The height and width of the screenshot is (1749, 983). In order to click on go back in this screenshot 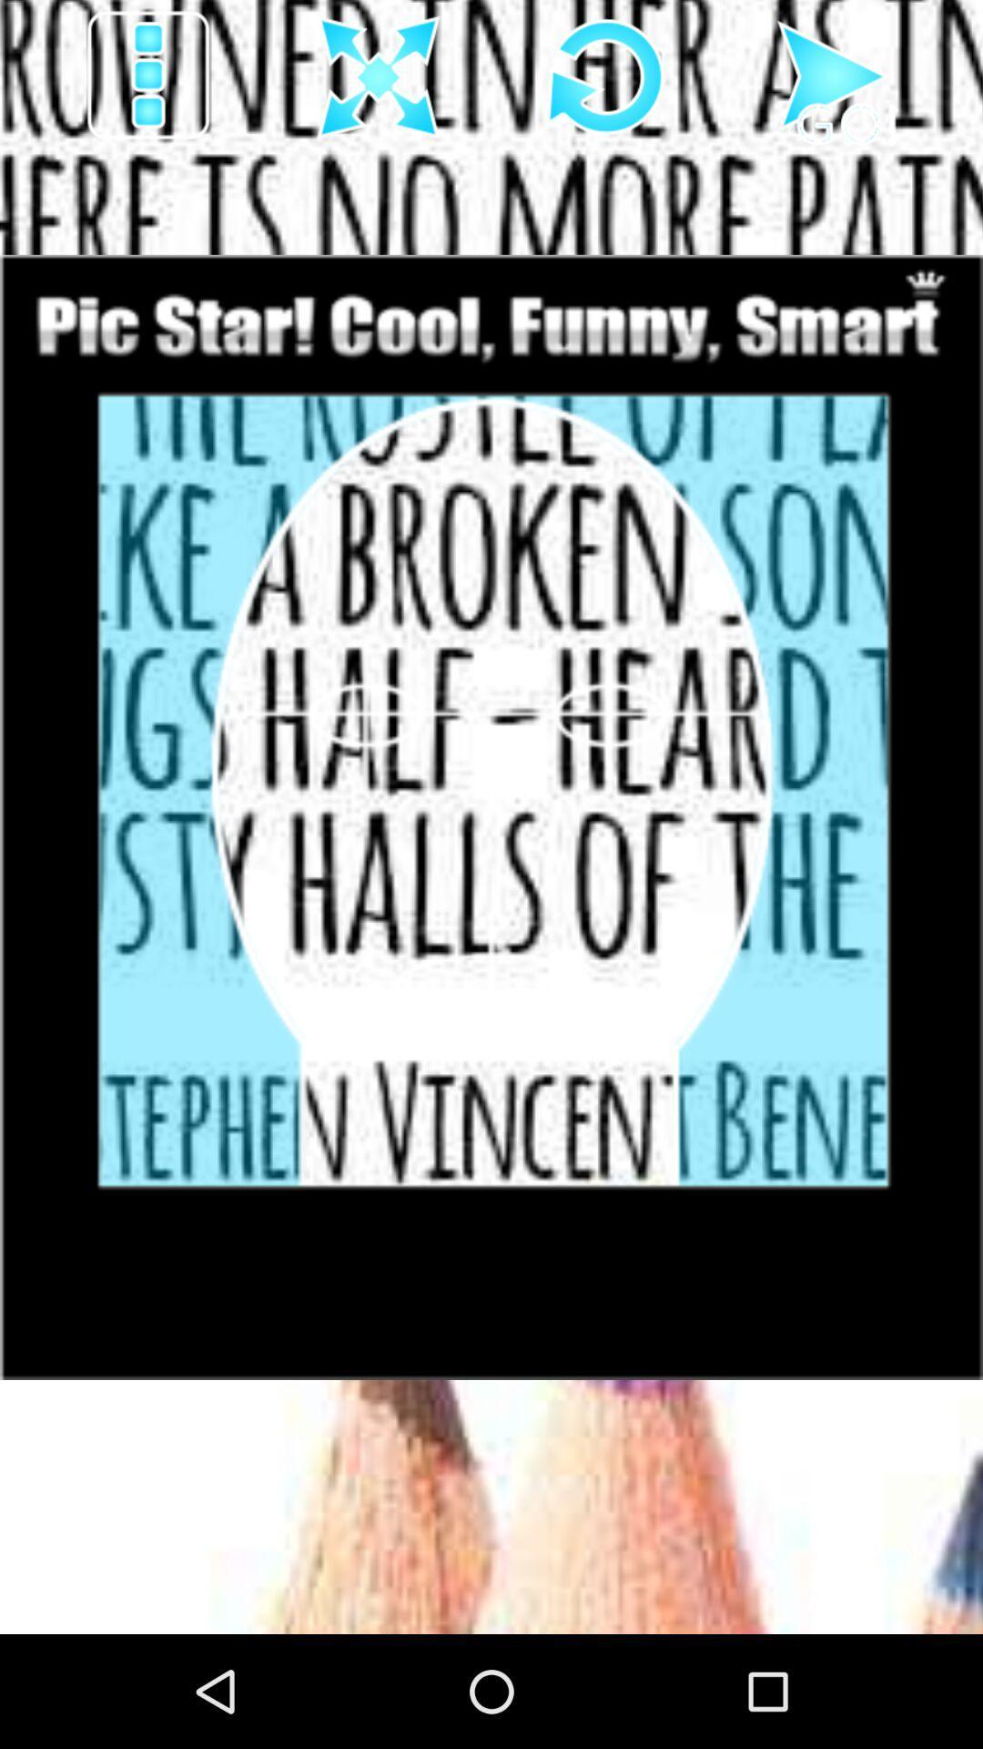, I will do `click(606, 77)`.